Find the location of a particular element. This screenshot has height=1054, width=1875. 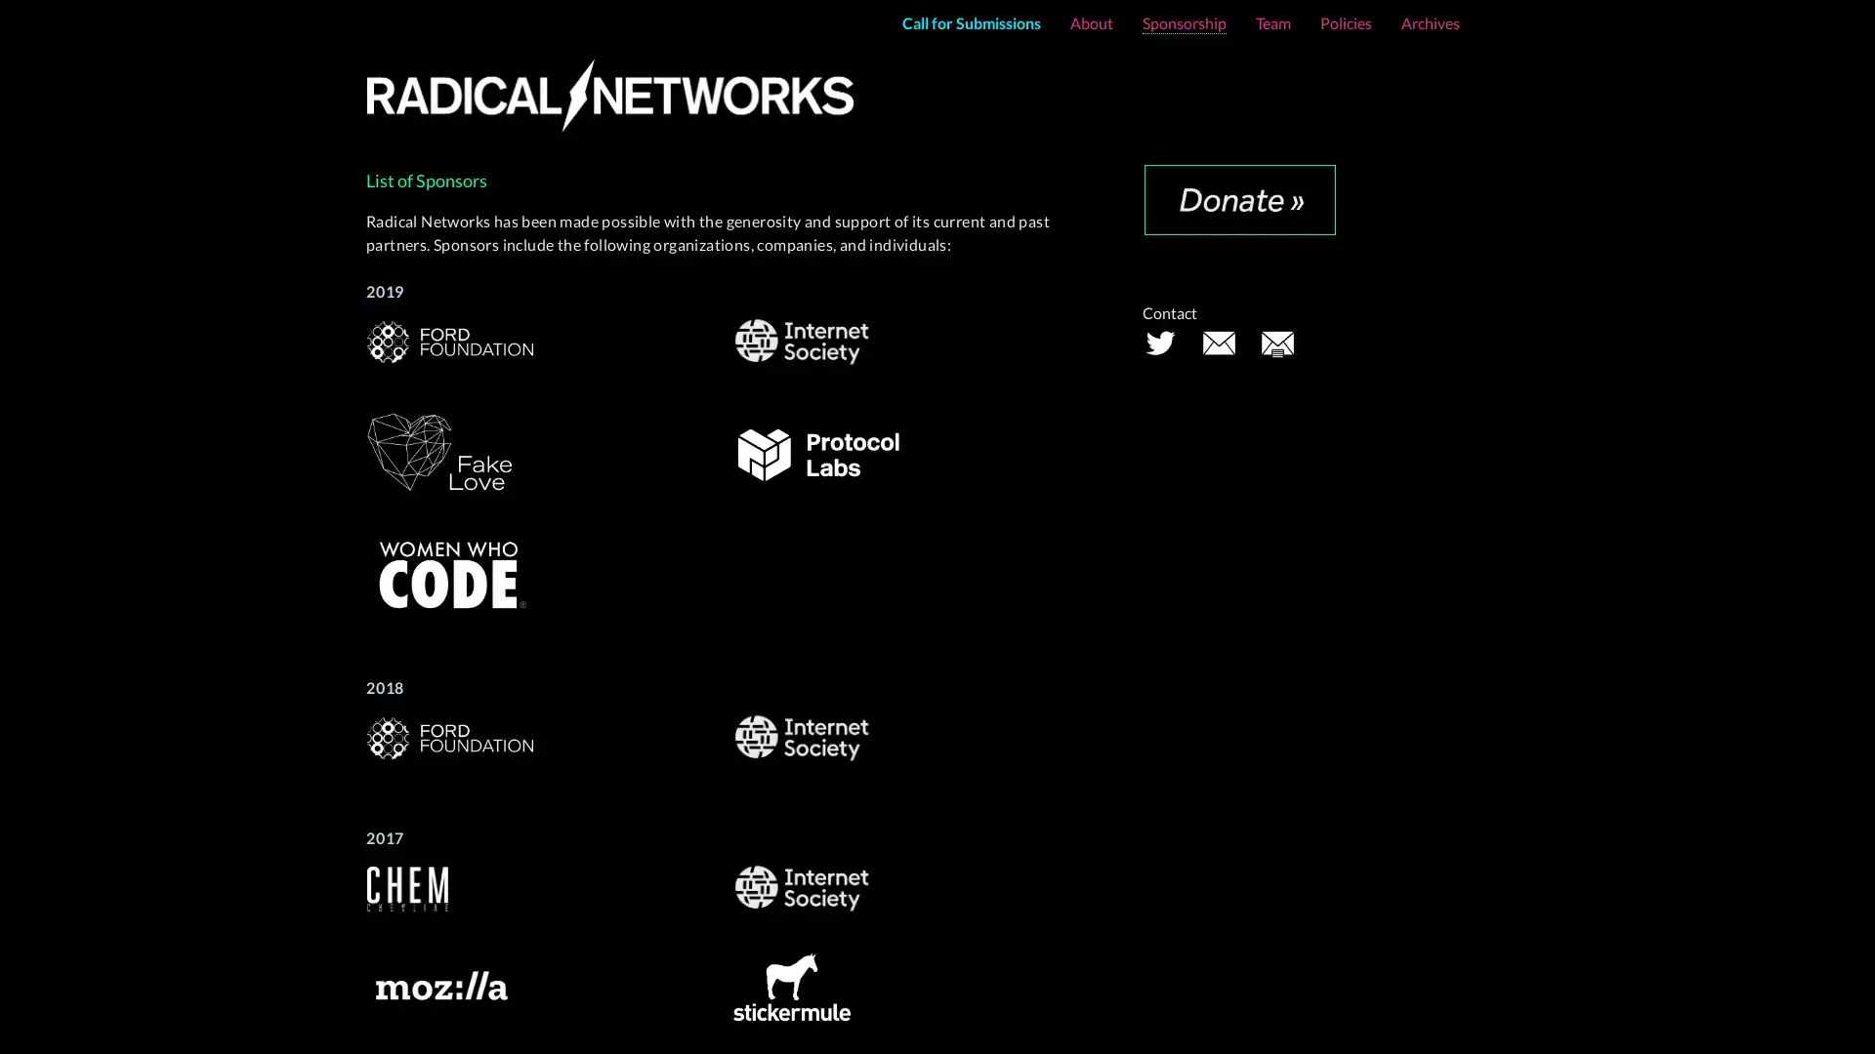

Donate with PayPal button is located at coordinates (1239, 199).